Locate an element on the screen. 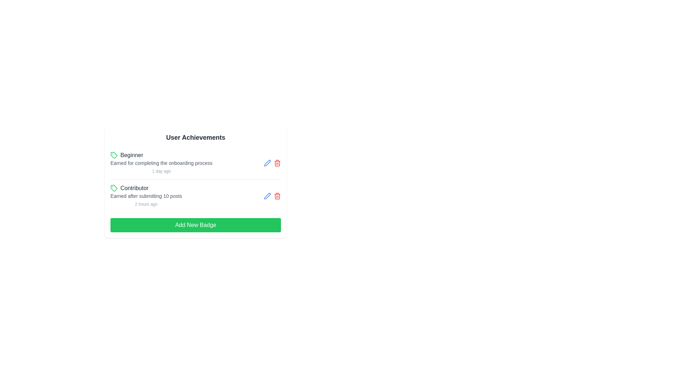  the text label displaying '1 day ago', which is styled as small gray font indicating a timestamp, located at the bottom right corner of the achievement section labeled 'Beginner' is located at coordinates (161, 171).